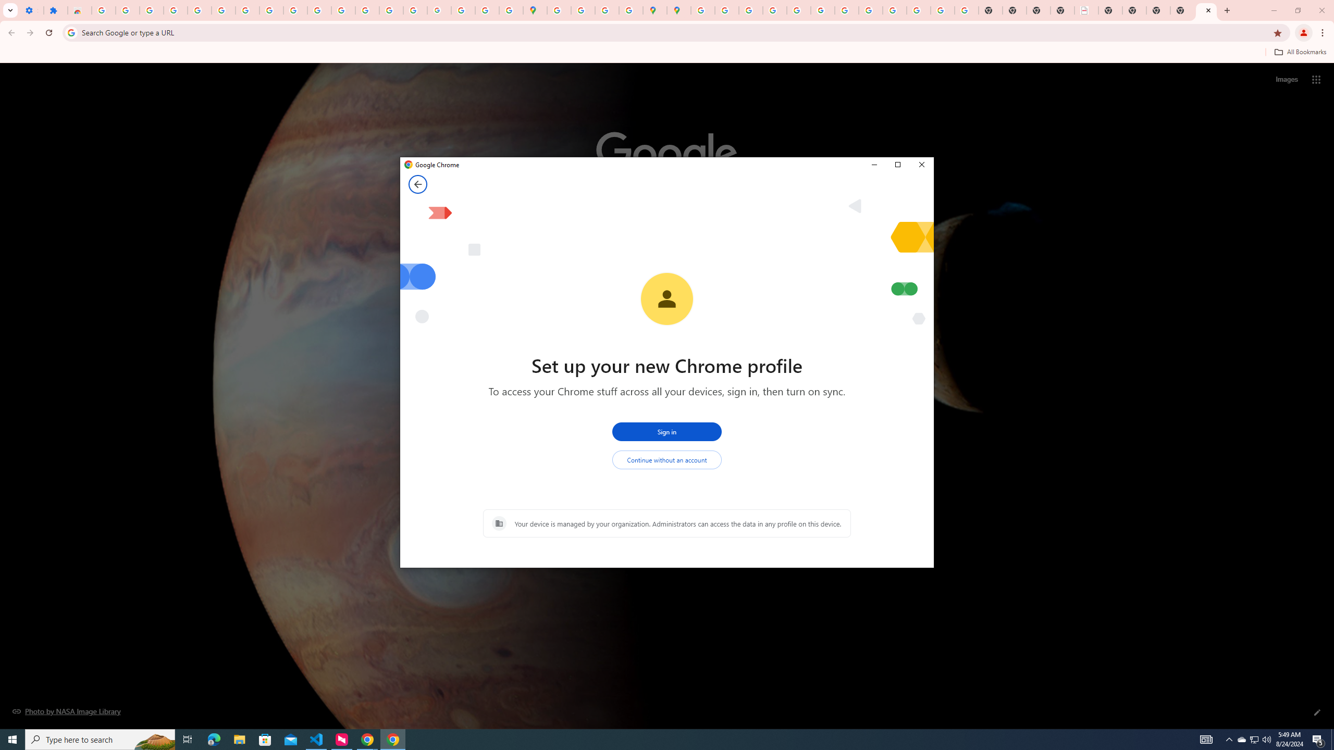  Describe the element at coordinates (239, 739) in the screenshot. I see `'File Explorer'` at that location.